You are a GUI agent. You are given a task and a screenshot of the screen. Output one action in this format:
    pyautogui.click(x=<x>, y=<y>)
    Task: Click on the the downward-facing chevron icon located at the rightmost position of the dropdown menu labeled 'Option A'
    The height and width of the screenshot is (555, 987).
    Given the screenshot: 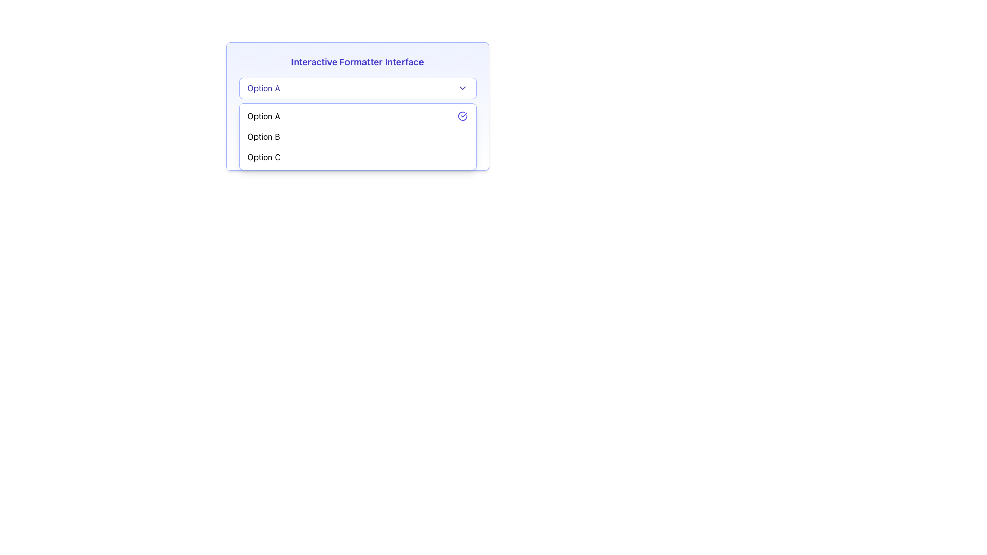 What is the action you would take?
    pyautogui.click(x=462, y=88)
    